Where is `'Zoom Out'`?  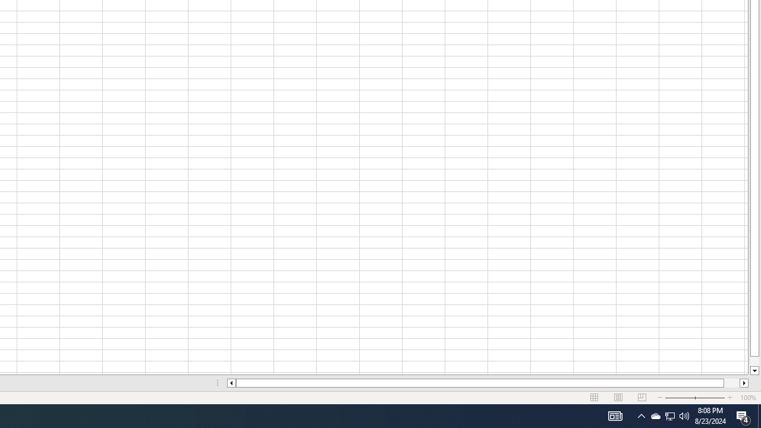
'Zoom Out' is located at coordinates (680, 398).